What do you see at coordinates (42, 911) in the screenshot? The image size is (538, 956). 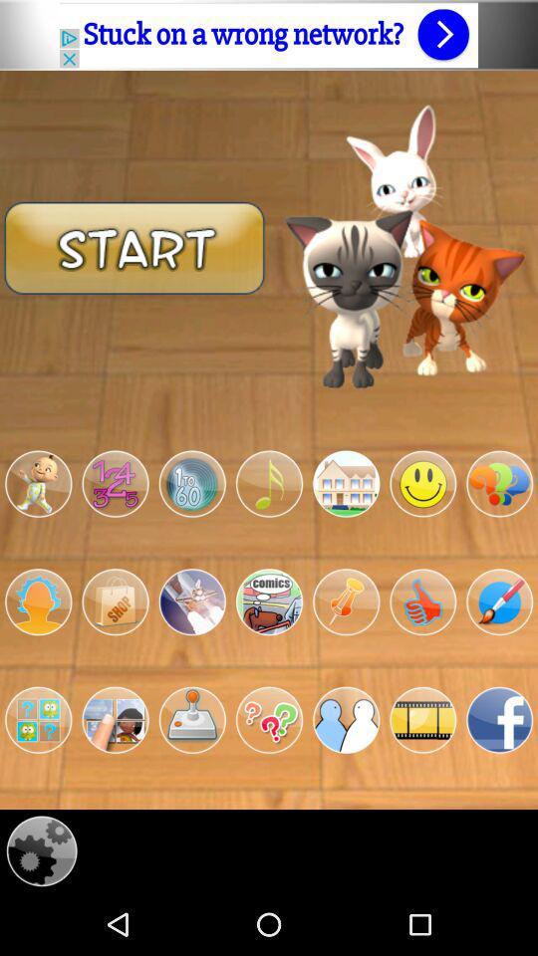 I see `the settings icon` at bounding box center [42, 911].